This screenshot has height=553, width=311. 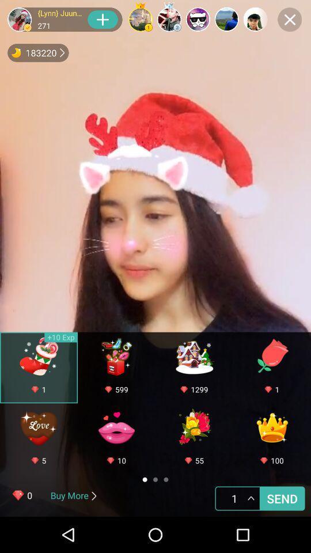 What do you see at coordinates (19, 19) in the screenshot?
I see `the avatar icon` at bounding box center [19, 19].